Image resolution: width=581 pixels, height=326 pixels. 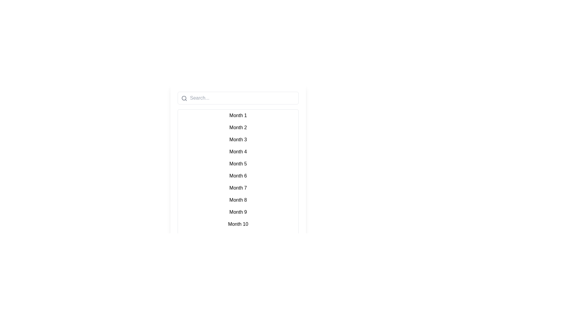 I want to click on the first list item labeled 'Month 1', which is a rectangular item in a vertical list of months, so click(x=238, y=115).